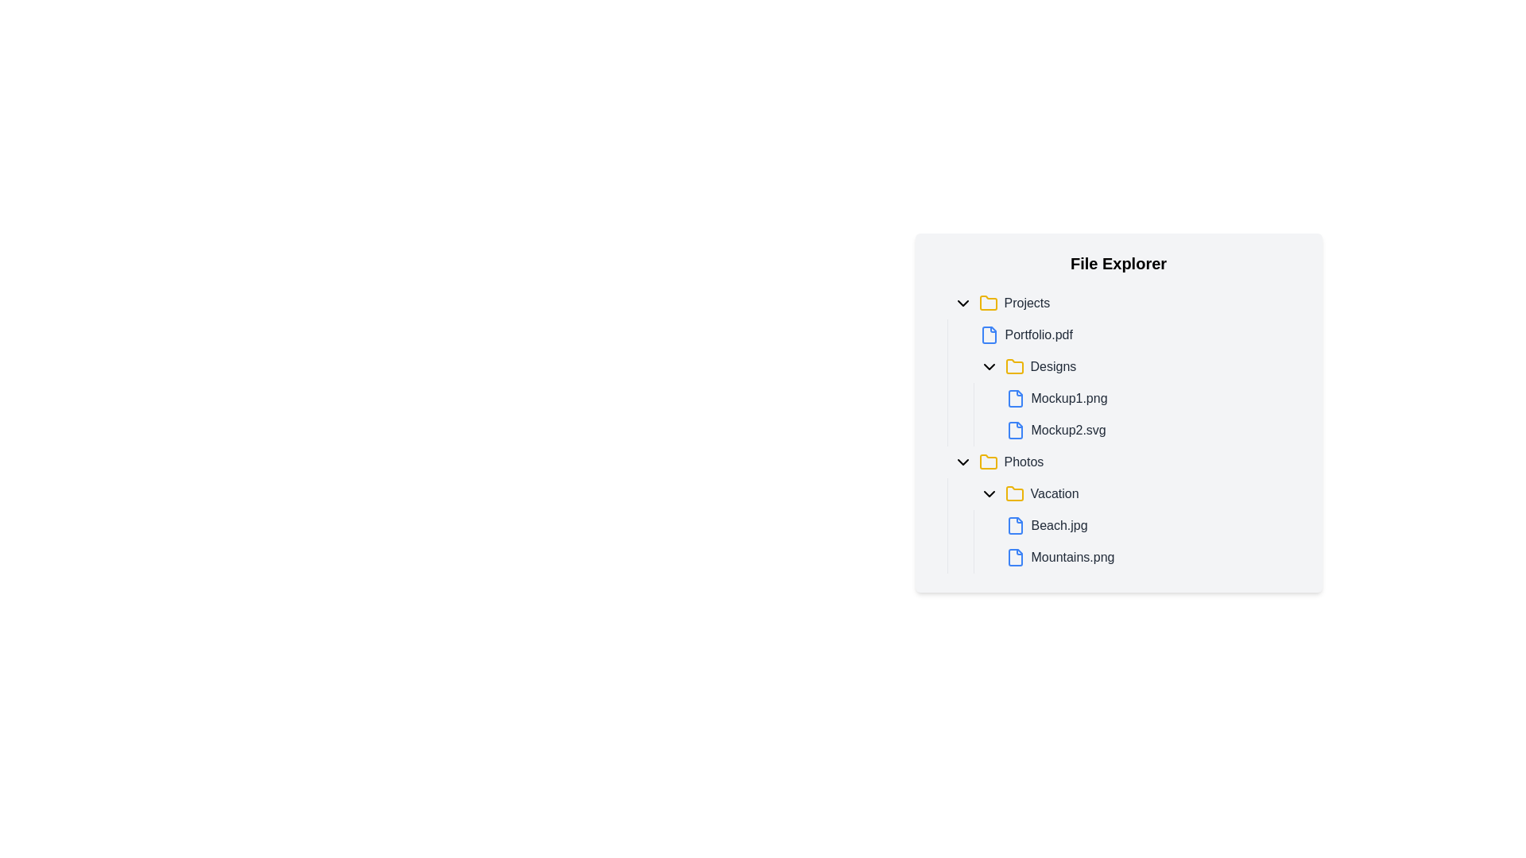  I want to click on the blue document file icon located next, so click(1014, 397).